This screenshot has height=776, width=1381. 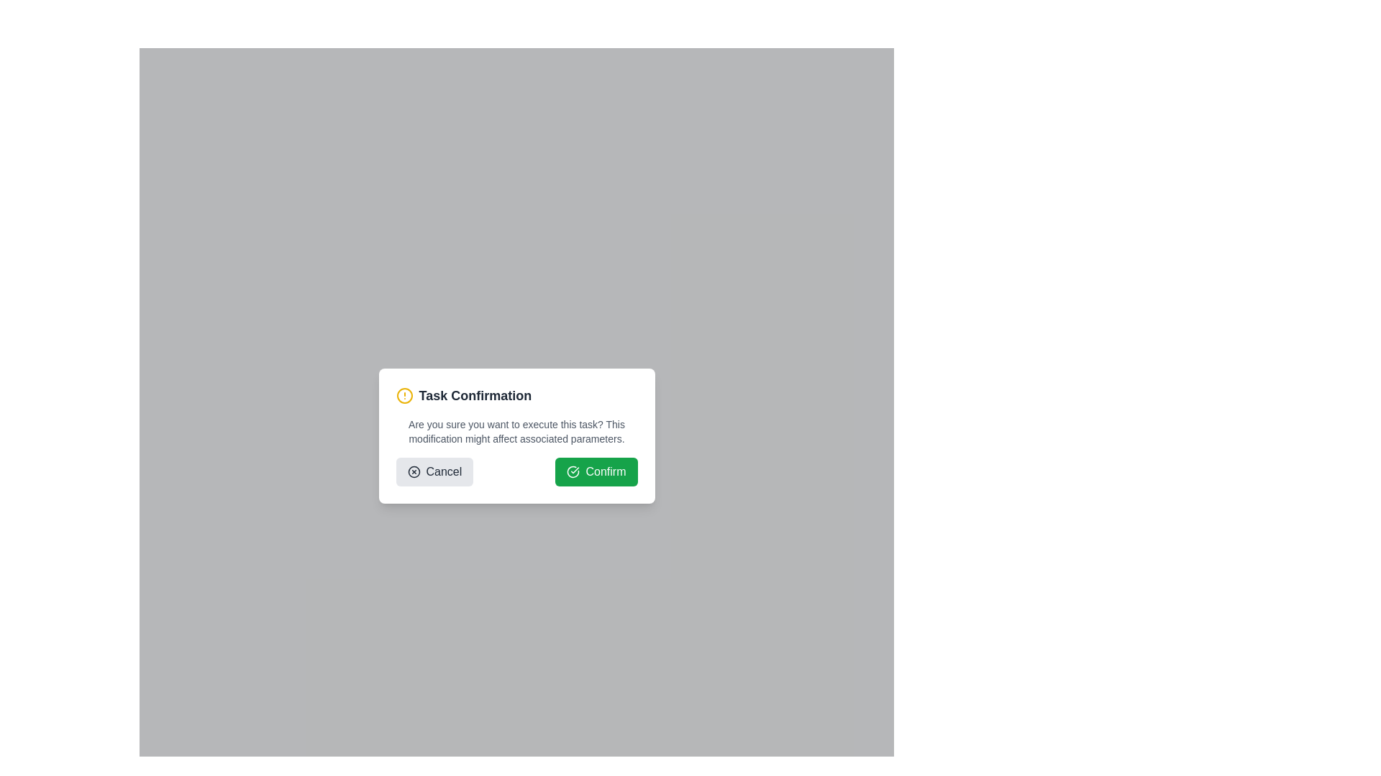 What do you see at coordinates (516, 396) in the screenshot?
I see `the Modal Title/Header which features a yellow exclamation mark icon and the bold text 'Task Confirmation'` at bounding box center [516, 396].